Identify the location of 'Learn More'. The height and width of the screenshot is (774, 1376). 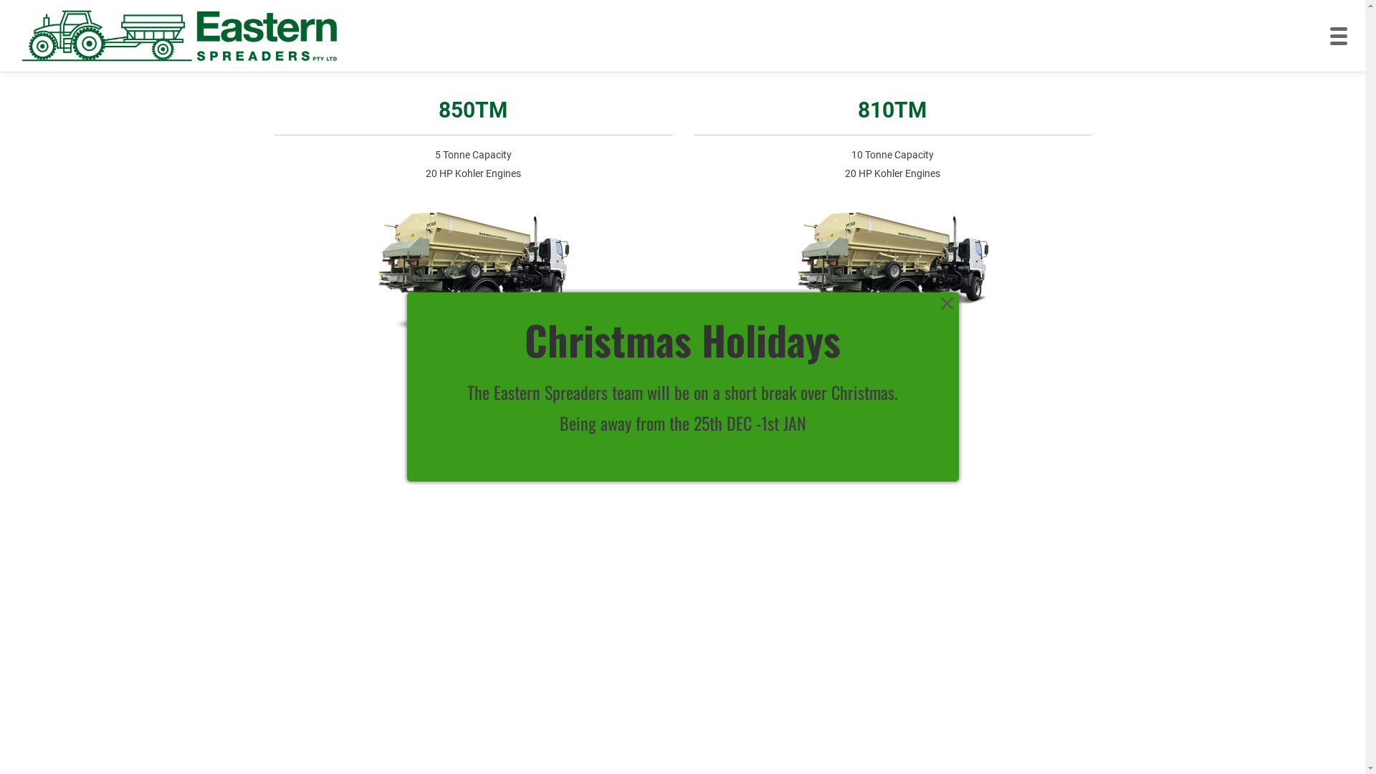
(473, 380).